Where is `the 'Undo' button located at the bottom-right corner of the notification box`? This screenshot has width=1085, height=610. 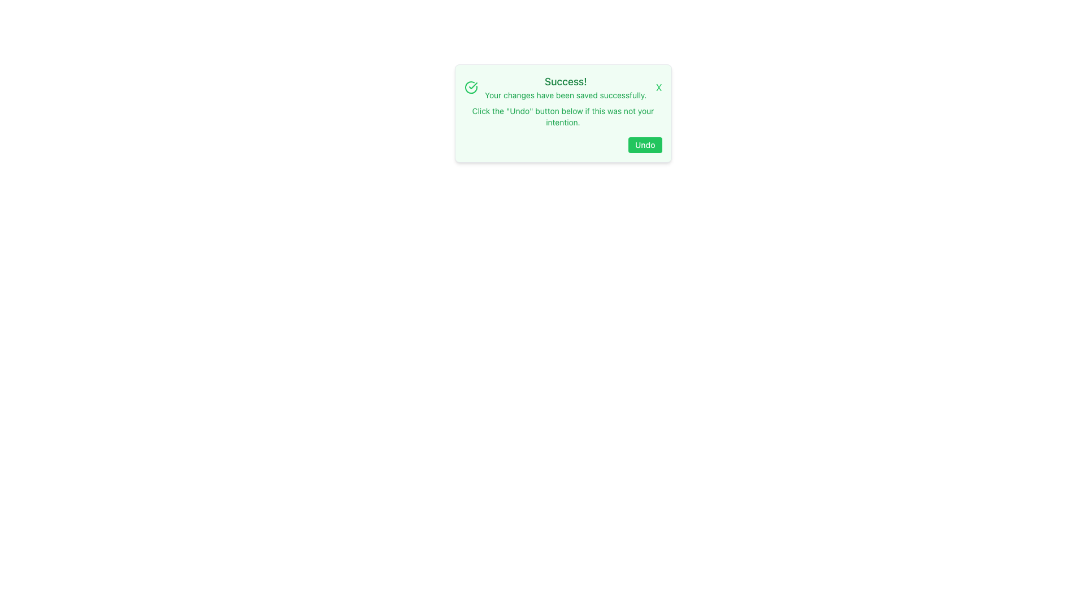 the 'Undo' button located at the bottom-right corner of the notification box is located at coordinates (645, 145).